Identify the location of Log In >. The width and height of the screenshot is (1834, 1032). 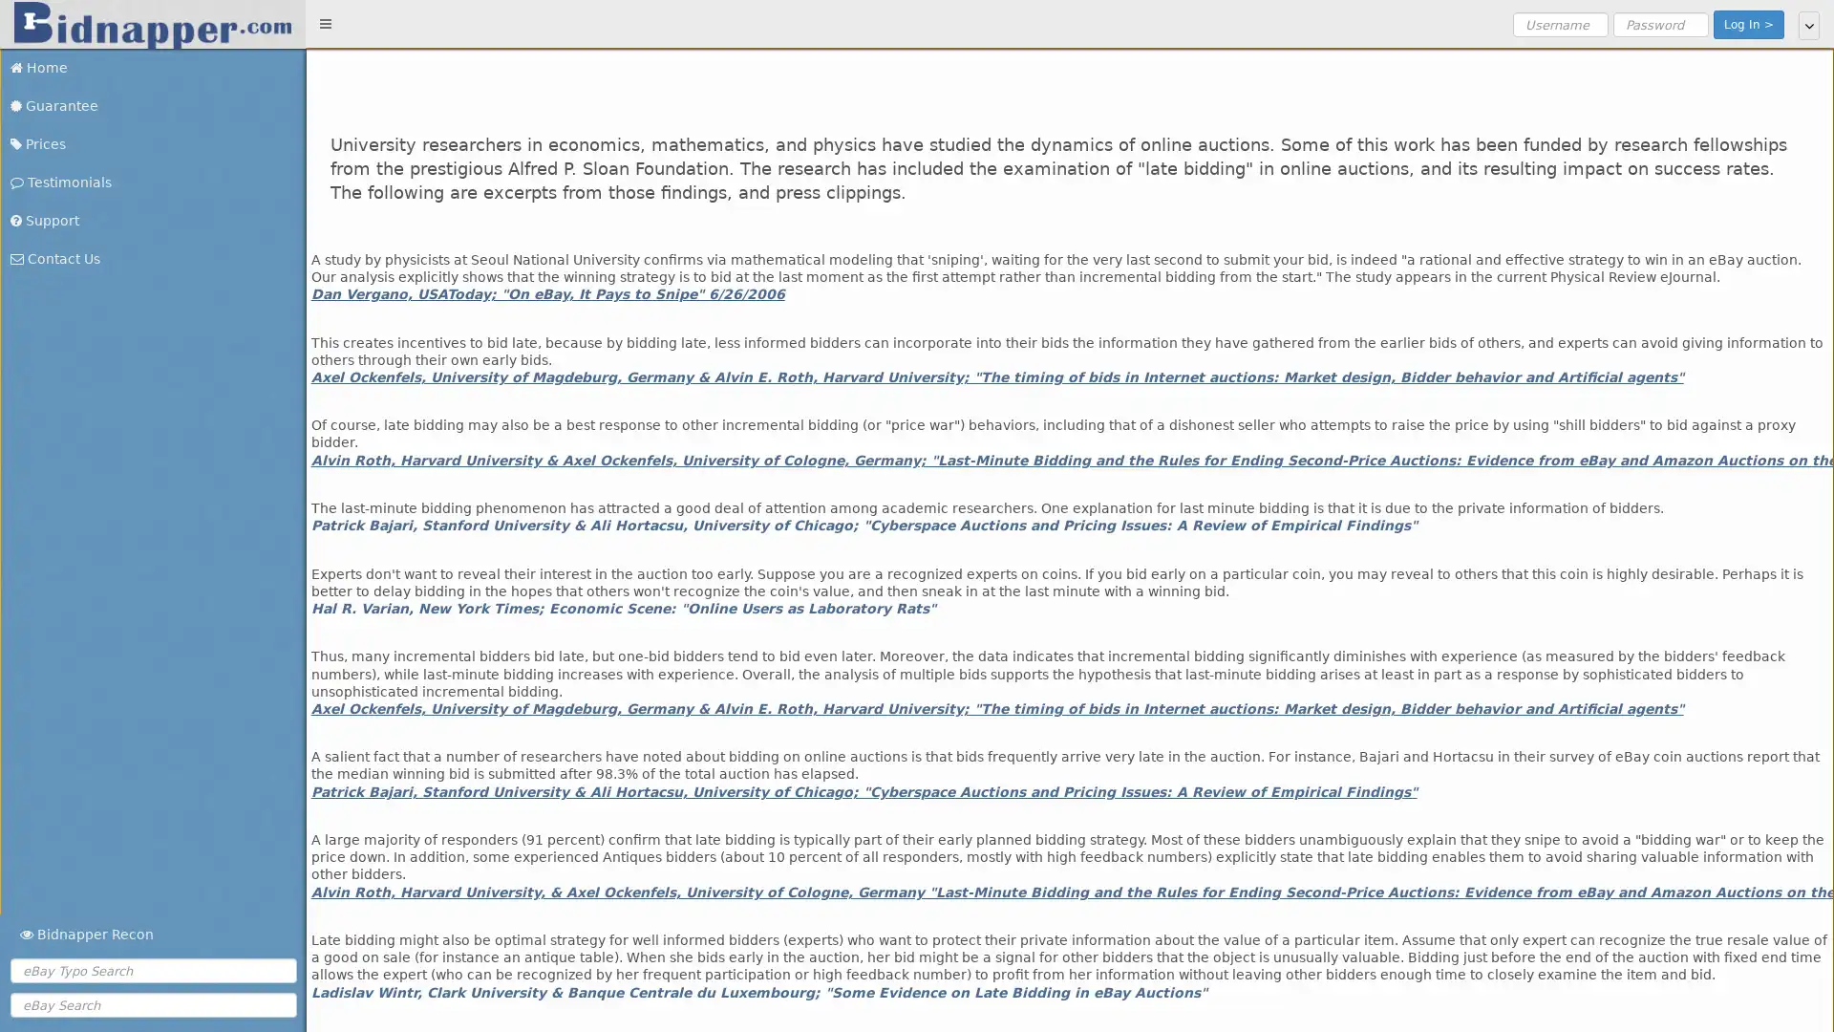
(1748, 25).